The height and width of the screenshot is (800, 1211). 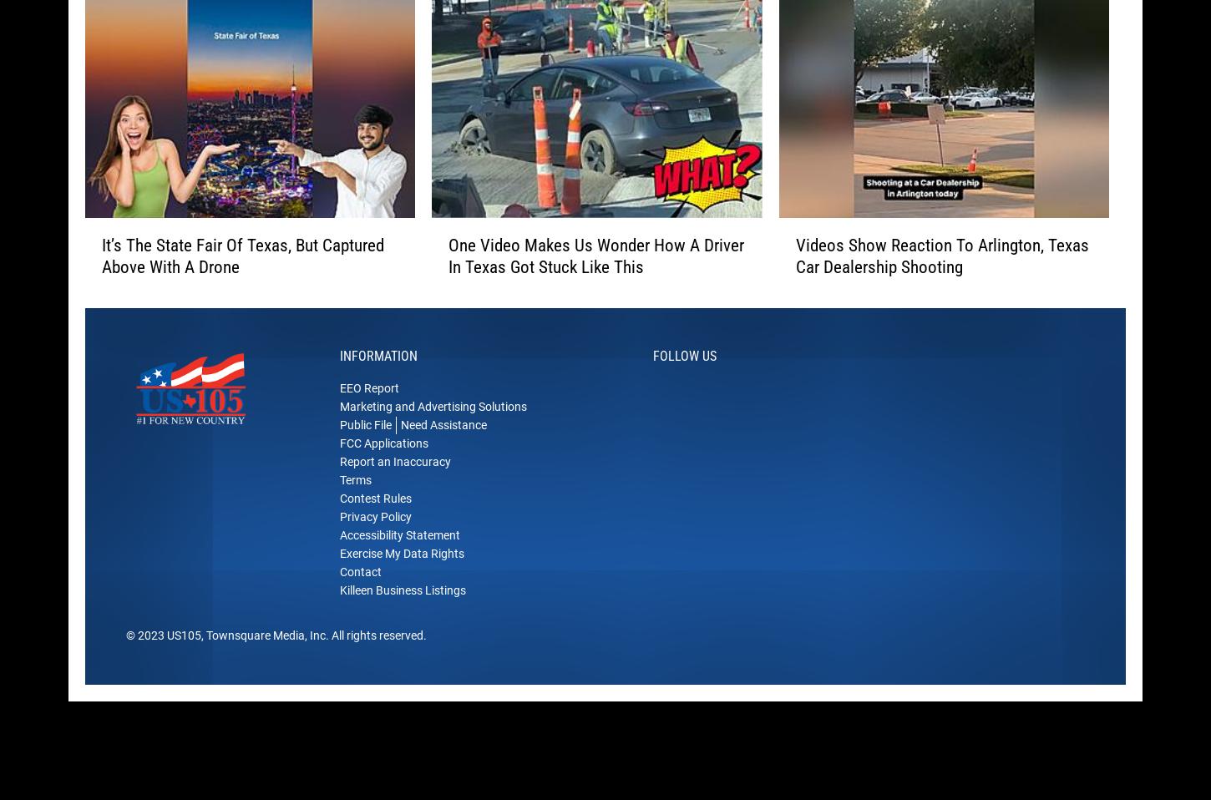 What do you see at coordinates (684, 382) in the screenshot?
I see `'Follow Us'` at bounding box center [684, 382].